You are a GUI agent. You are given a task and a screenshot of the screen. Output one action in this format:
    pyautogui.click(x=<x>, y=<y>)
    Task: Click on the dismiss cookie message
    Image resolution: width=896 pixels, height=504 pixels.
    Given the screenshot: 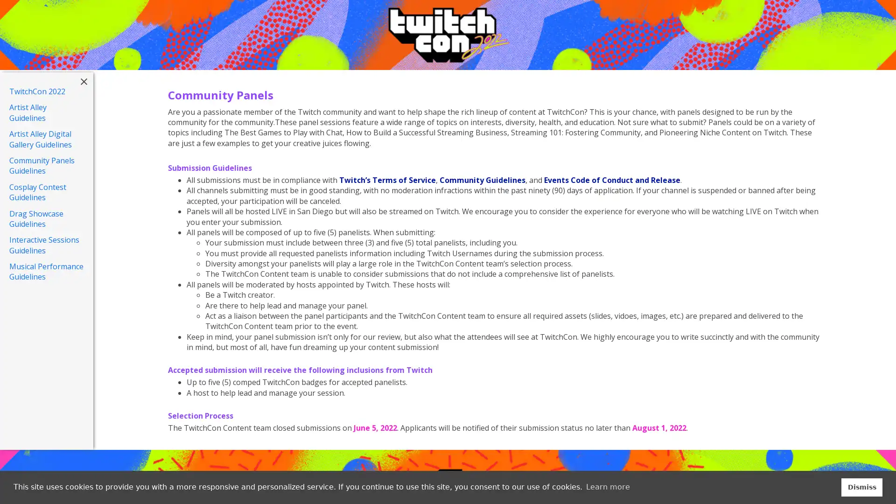 What is the action you would take?
    pyautogui.click(x=861, y=487)
    